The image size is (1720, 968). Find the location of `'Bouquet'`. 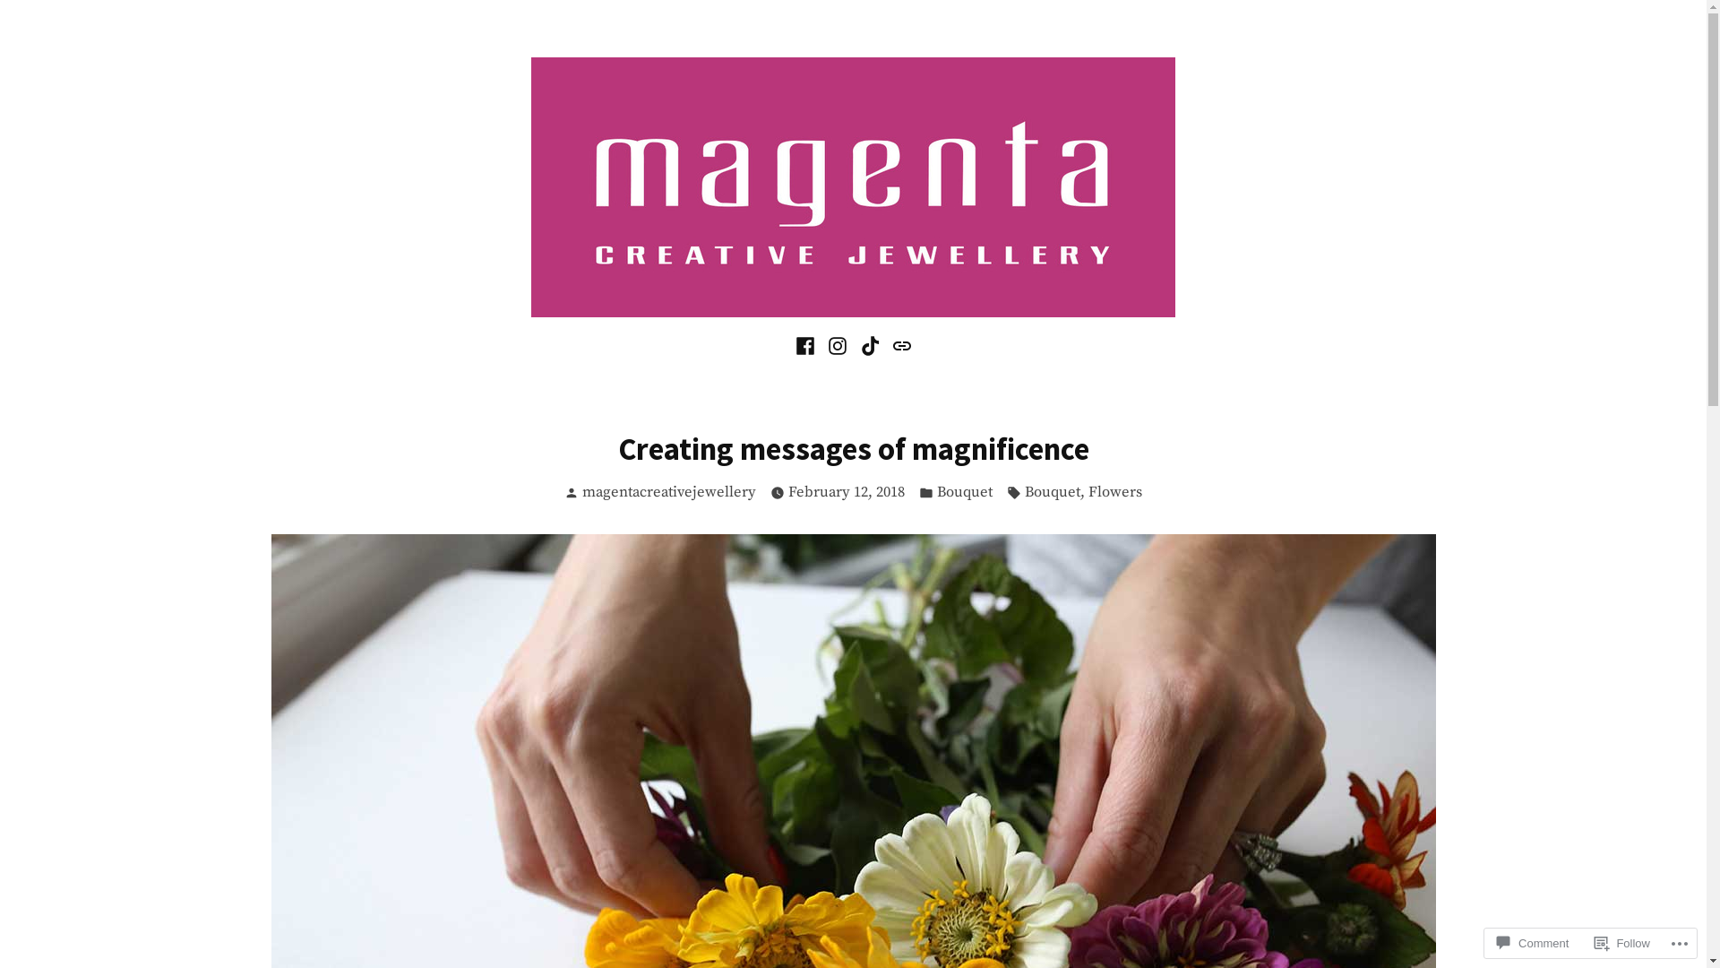

'Bouquet' is located at coordinates (963, 493).